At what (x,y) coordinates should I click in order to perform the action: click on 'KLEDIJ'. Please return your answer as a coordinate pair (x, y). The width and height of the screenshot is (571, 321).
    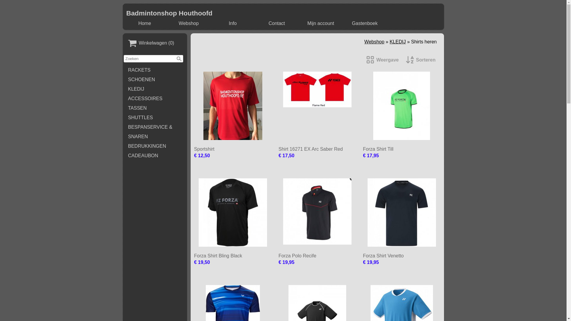
    Looking at the image, I should click on (155, 89).